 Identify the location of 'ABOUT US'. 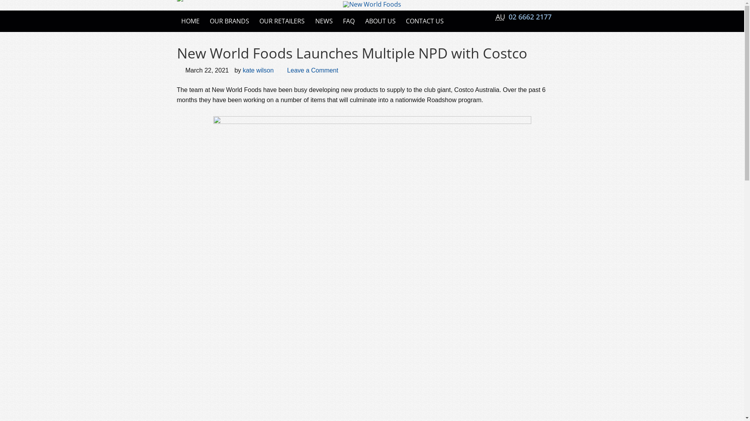
(360, 21).